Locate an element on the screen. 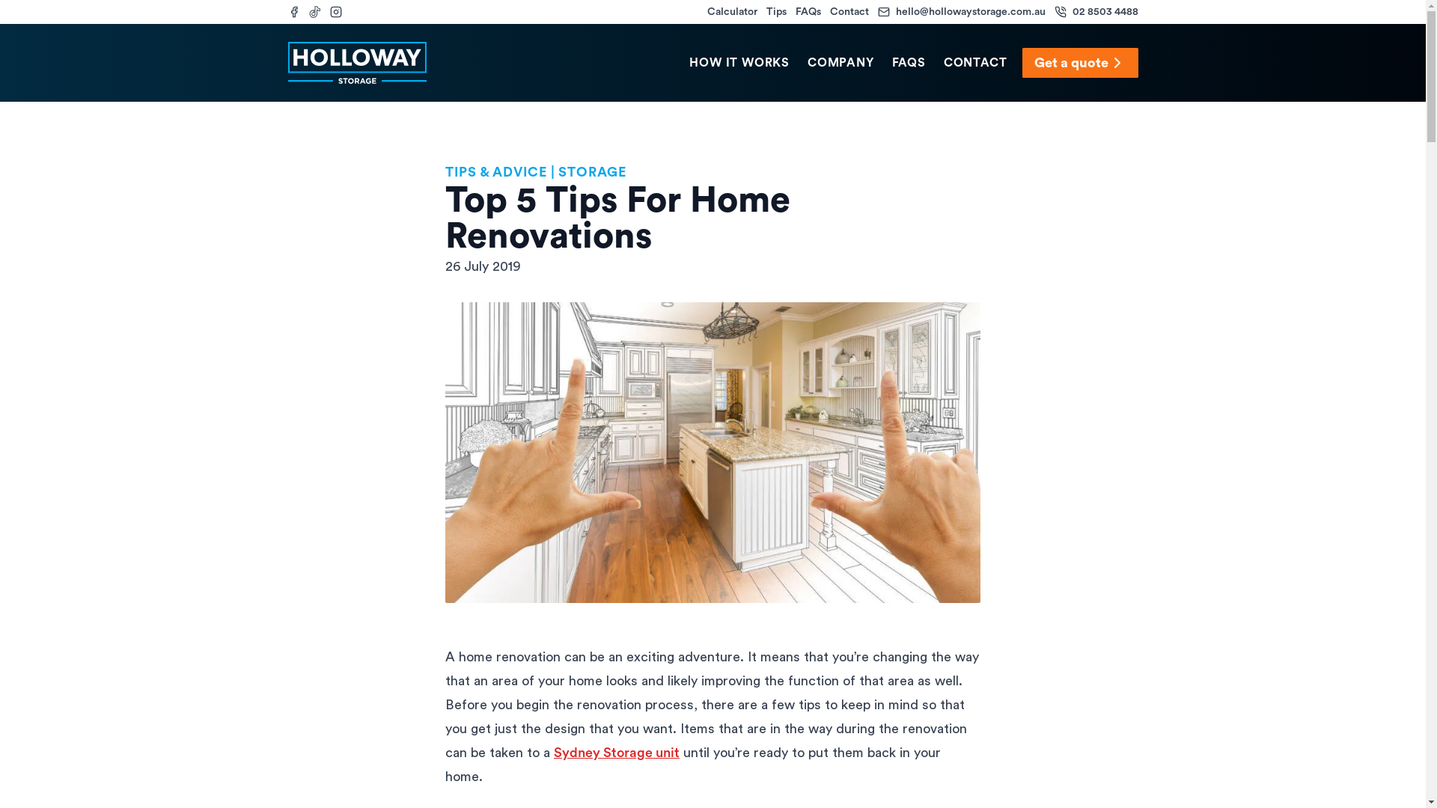  'CONTACT' is located at coordinates (975, 62).